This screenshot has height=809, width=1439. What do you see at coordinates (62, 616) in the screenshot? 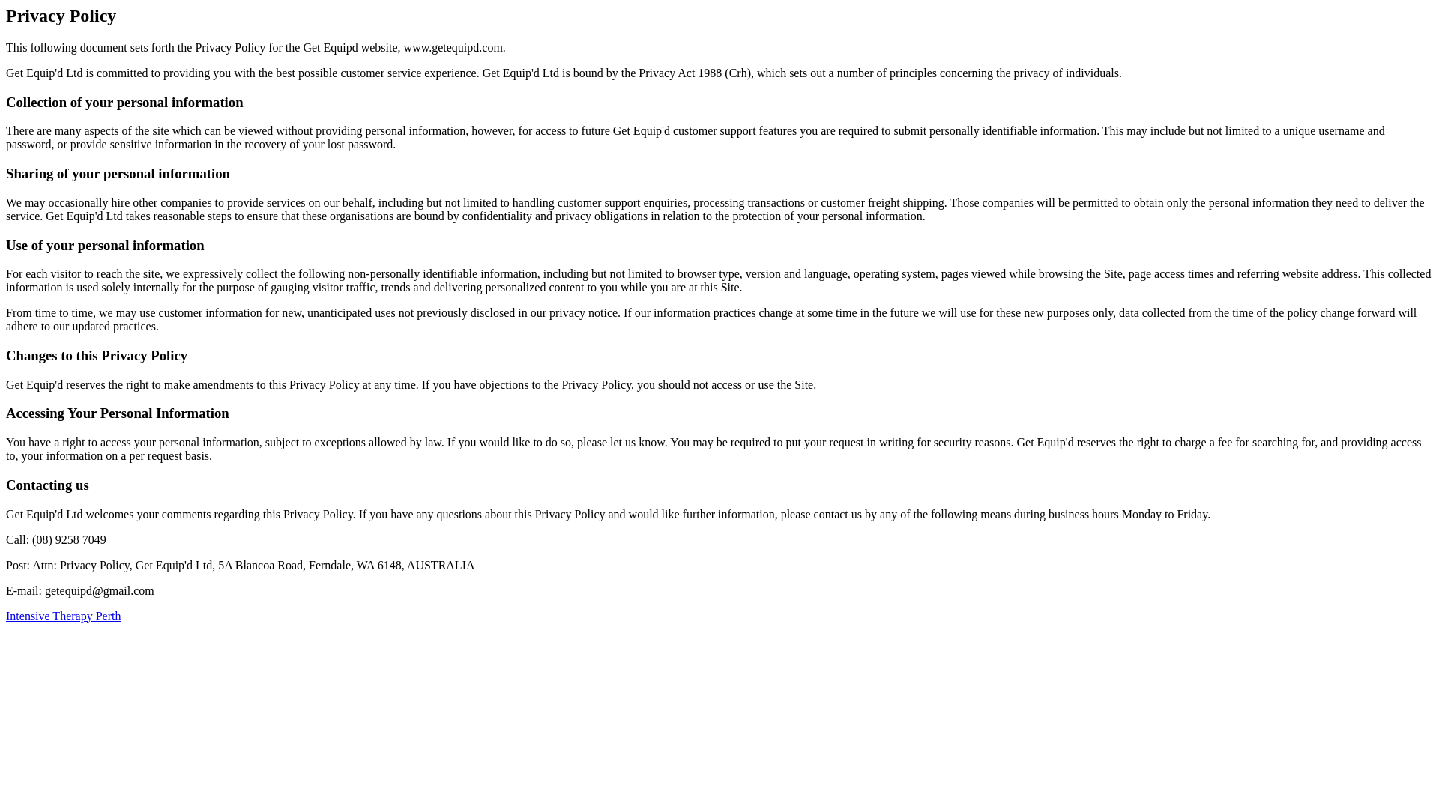
I see `'Intensive Therapy Perth'` at bounding box center [62, 616].